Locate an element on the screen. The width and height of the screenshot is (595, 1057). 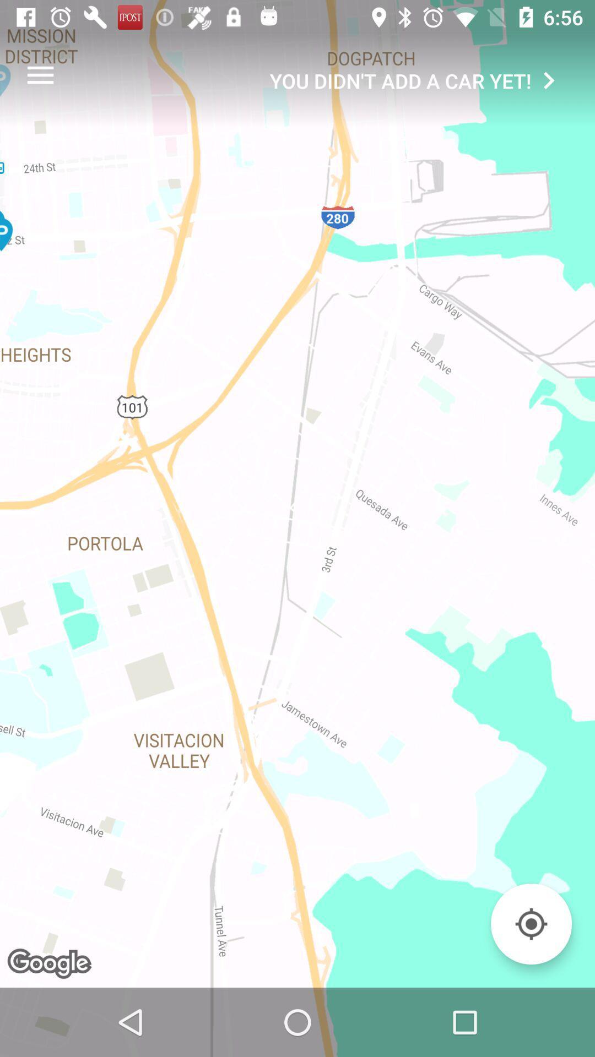
the you didn t icon is located at coordinates (418, 80).